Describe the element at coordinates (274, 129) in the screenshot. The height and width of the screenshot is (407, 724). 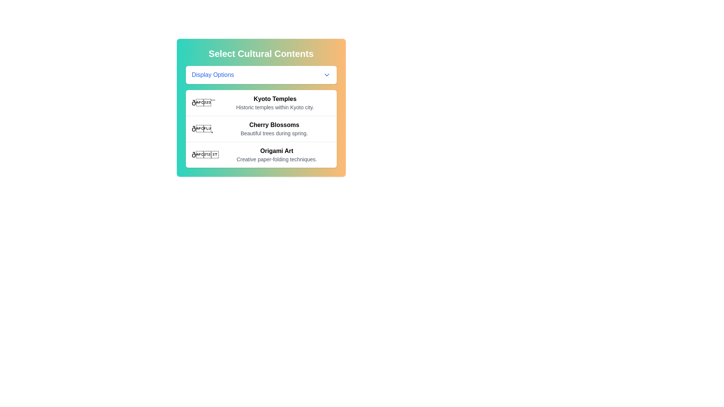
I see `descriptive text block displaying 'Cherry Blossoms' and 'Beautiful trees during spring.' which is the second option under 'Select Cultural Contents.'` at that location.